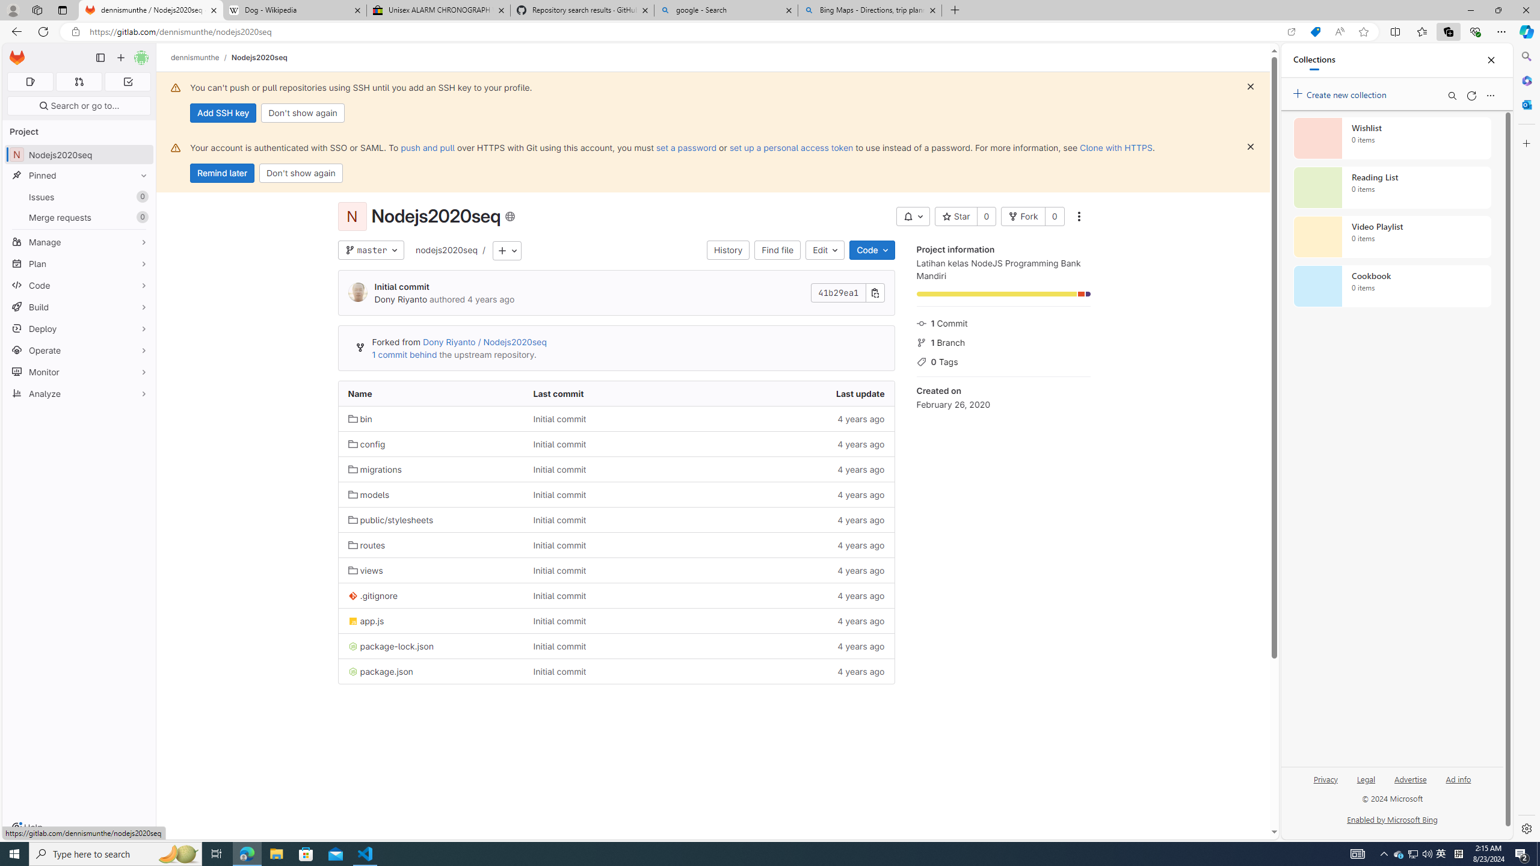 Image resolution: width=1540 pixels, height=866 pixels. Describe the element at coordinates (400, 299) in the screenshot. I see `'Dony Riyanto'` at that location.